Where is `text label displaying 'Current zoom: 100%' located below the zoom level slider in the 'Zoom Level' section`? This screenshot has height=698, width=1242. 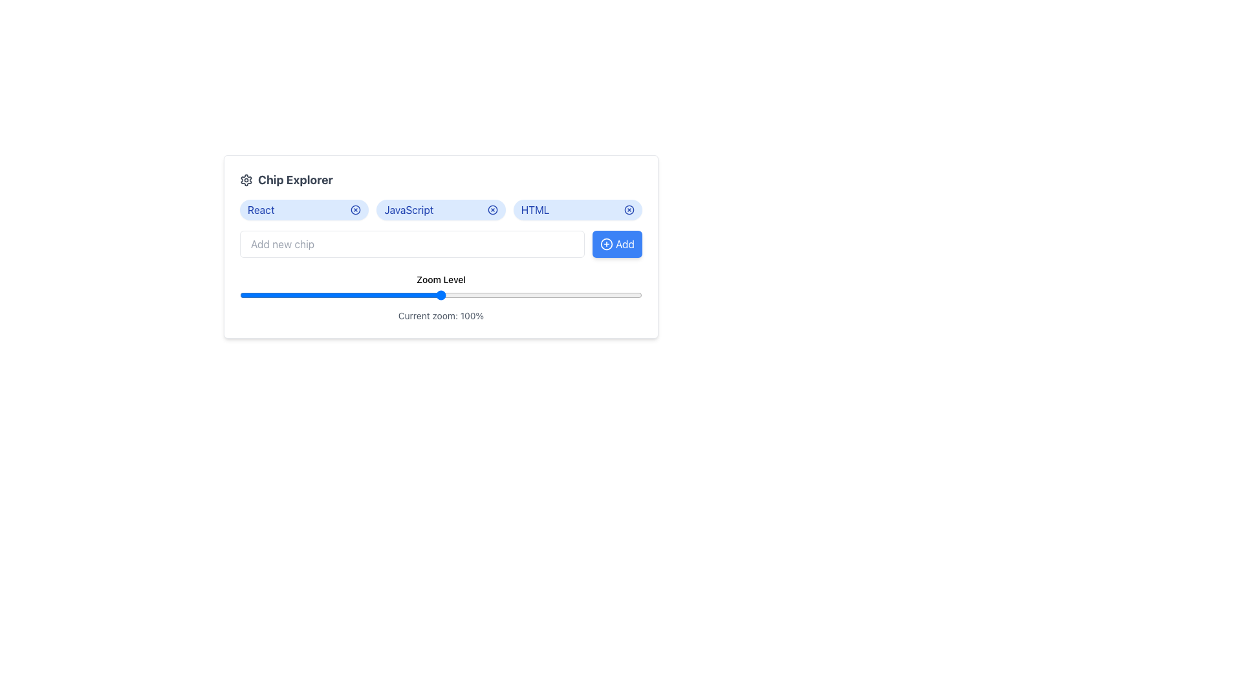 text label displaying 'Current zoom: 100%' located below the zoom level slider in the 'Zoom Level' section is located at coordinates (441, 316).